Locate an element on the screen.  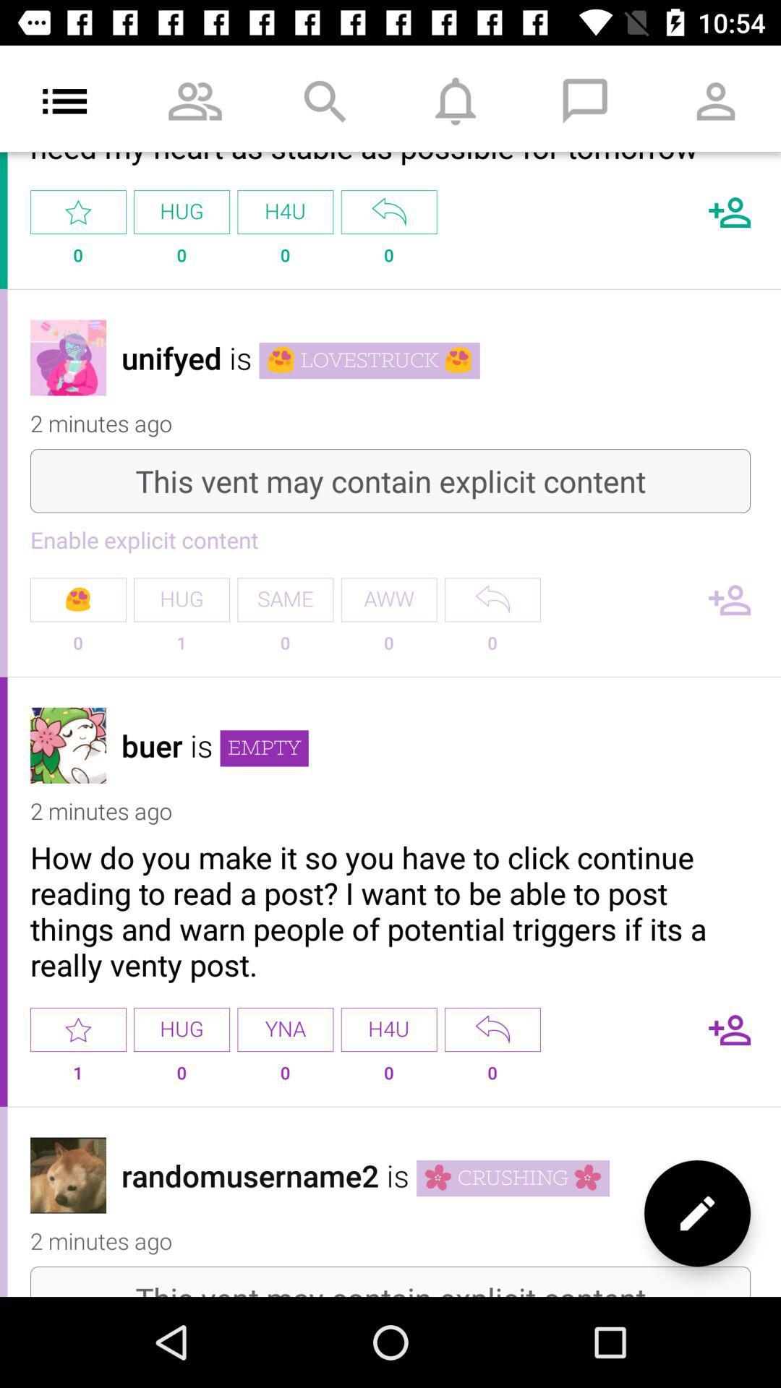
the icon next to the aww icon is located at coordinates (285, 599).